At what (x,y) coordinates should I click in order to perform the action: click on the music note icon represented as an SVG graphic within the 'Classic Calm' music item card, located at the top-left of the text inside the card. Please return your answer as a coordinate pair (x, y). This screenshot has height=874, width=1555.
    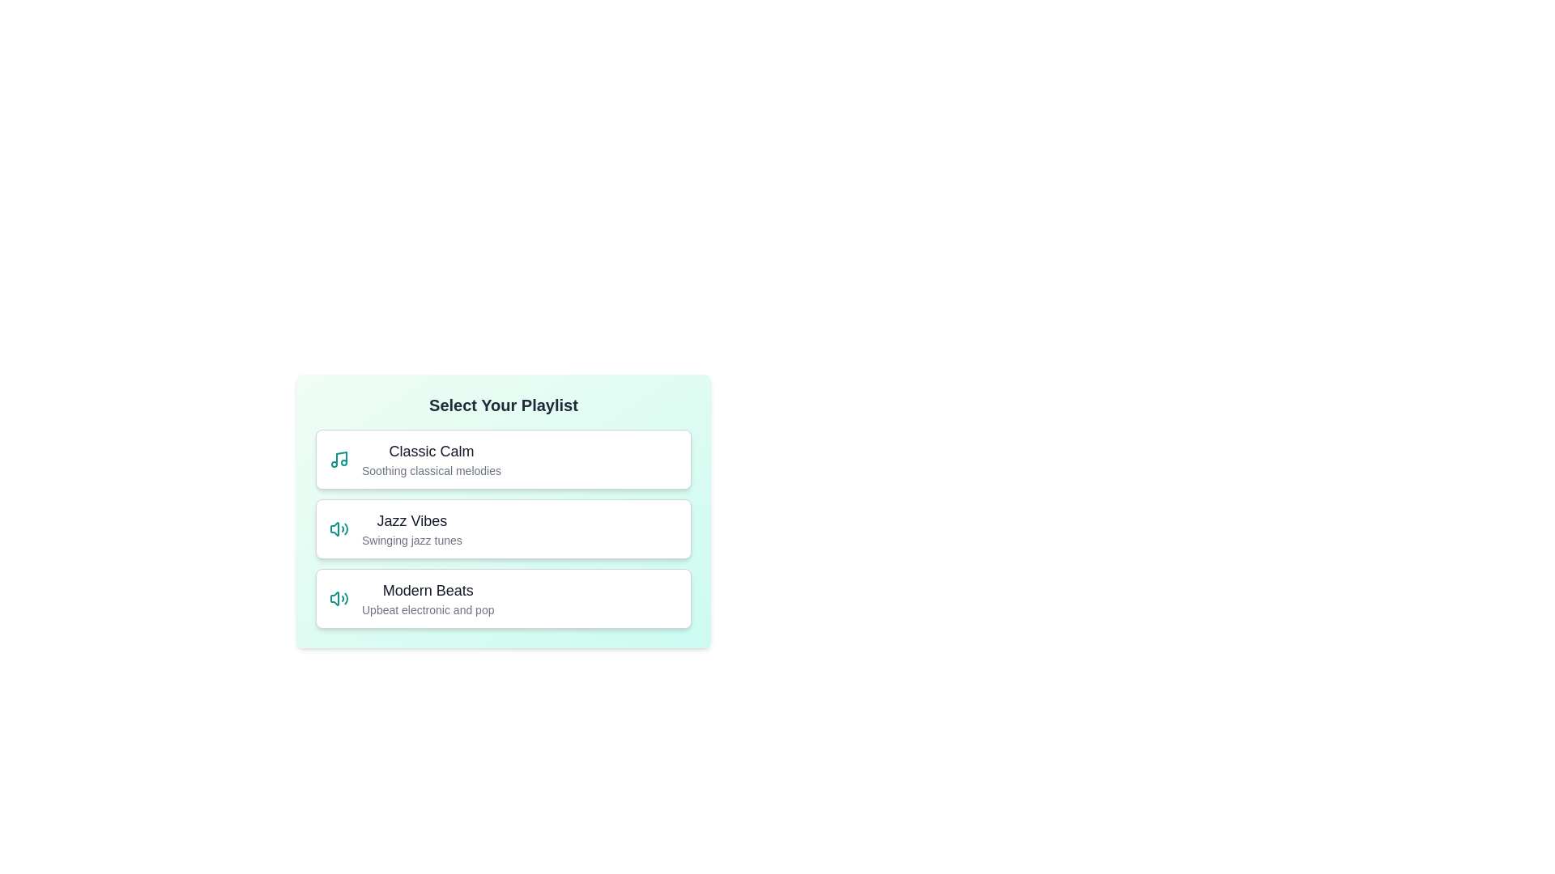
    Looking at the image, I should click on (341, 458).